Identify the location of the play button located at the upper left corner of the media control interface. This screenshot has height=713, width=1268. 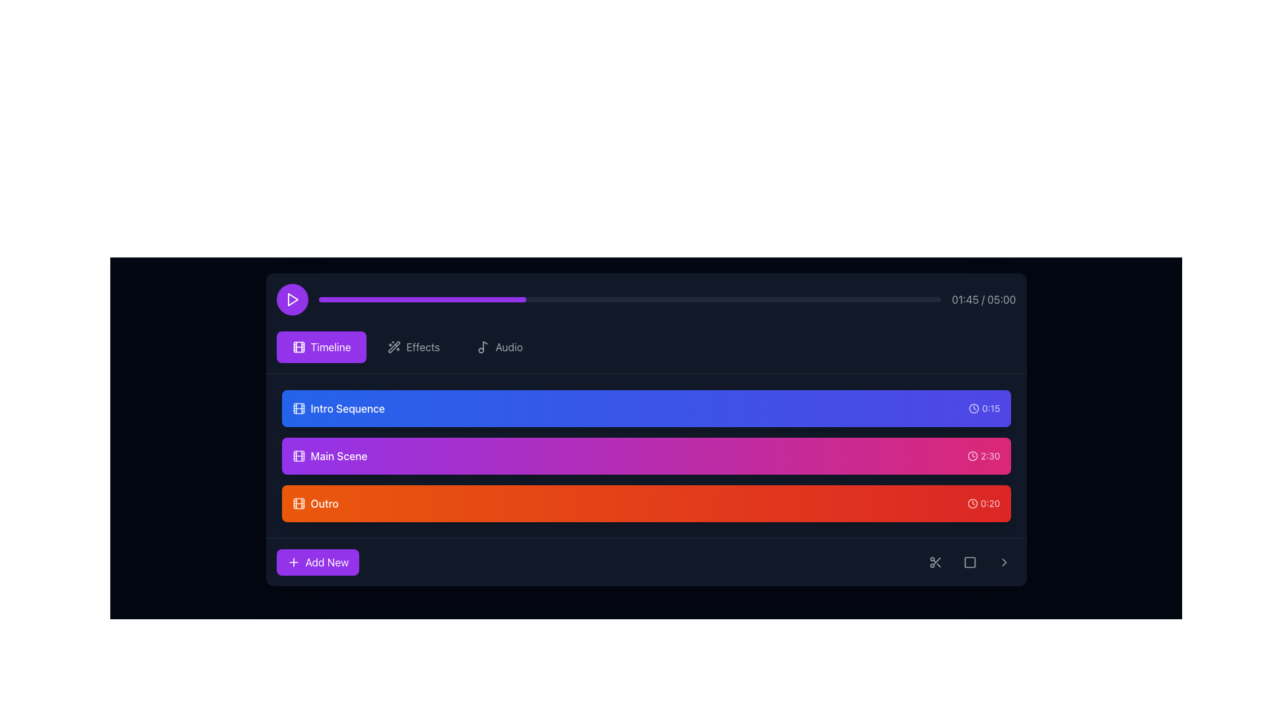
(291, 300).